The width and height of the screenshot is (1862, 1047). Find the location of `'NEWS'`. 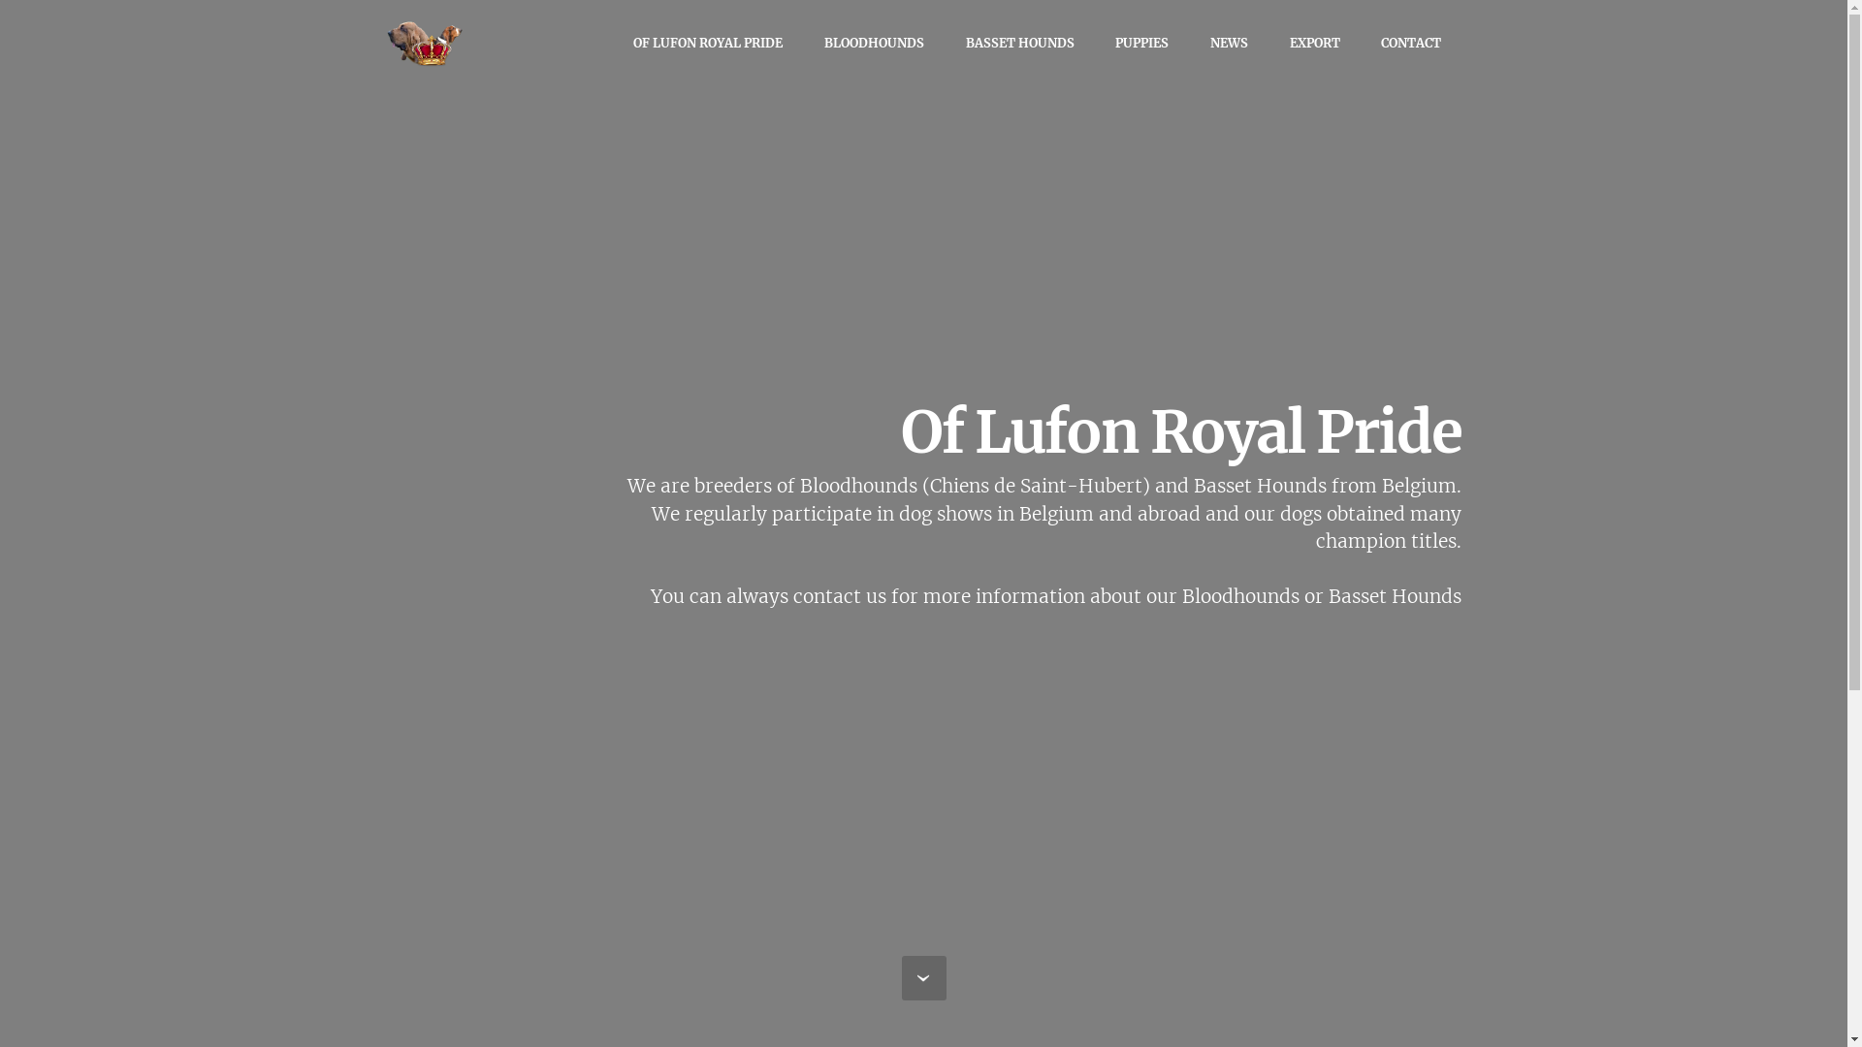

'NEWS' is located at coordinates (1228, 43).